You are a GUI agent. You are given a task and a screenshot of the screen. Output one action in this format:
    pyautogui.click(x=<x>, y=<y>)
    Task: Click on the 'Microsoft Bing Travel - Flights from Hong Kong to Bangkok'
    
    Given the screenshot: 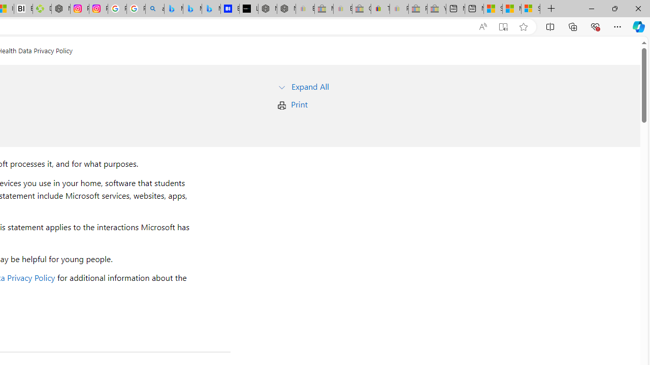 What is the action you would take?
    pyautogui.click(x=173, y=9)
    